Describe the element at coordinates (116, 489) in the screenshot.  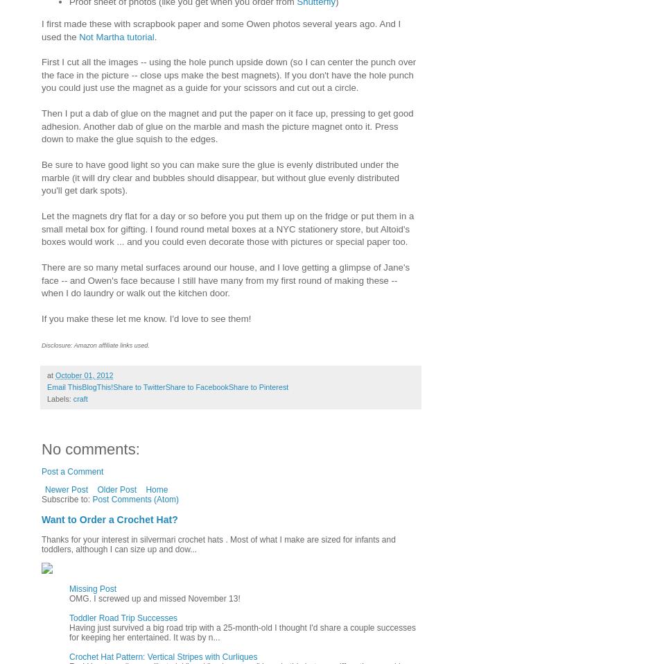
I see `'Older Post'` at that location.